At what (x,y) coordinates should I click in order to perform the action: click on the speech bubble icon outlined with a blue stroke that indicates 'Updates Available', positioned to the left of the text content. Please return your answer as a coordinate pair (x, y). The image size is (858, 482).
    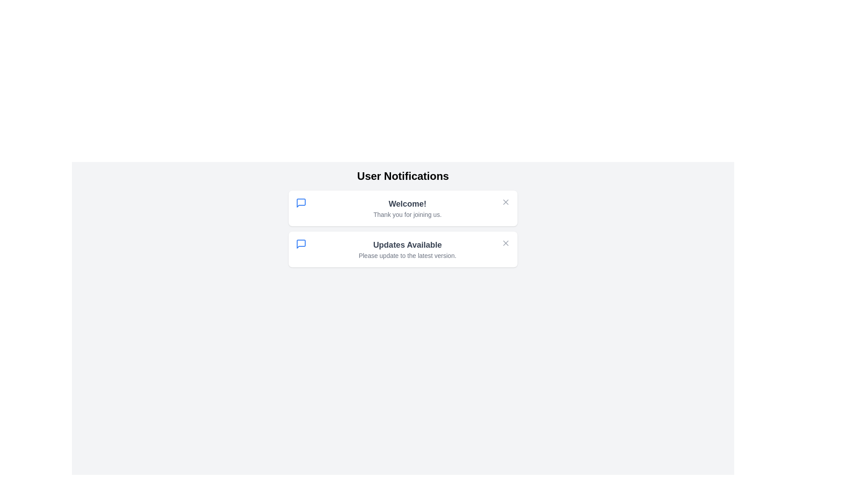
    Looking at the image, I should click on (301, 244).